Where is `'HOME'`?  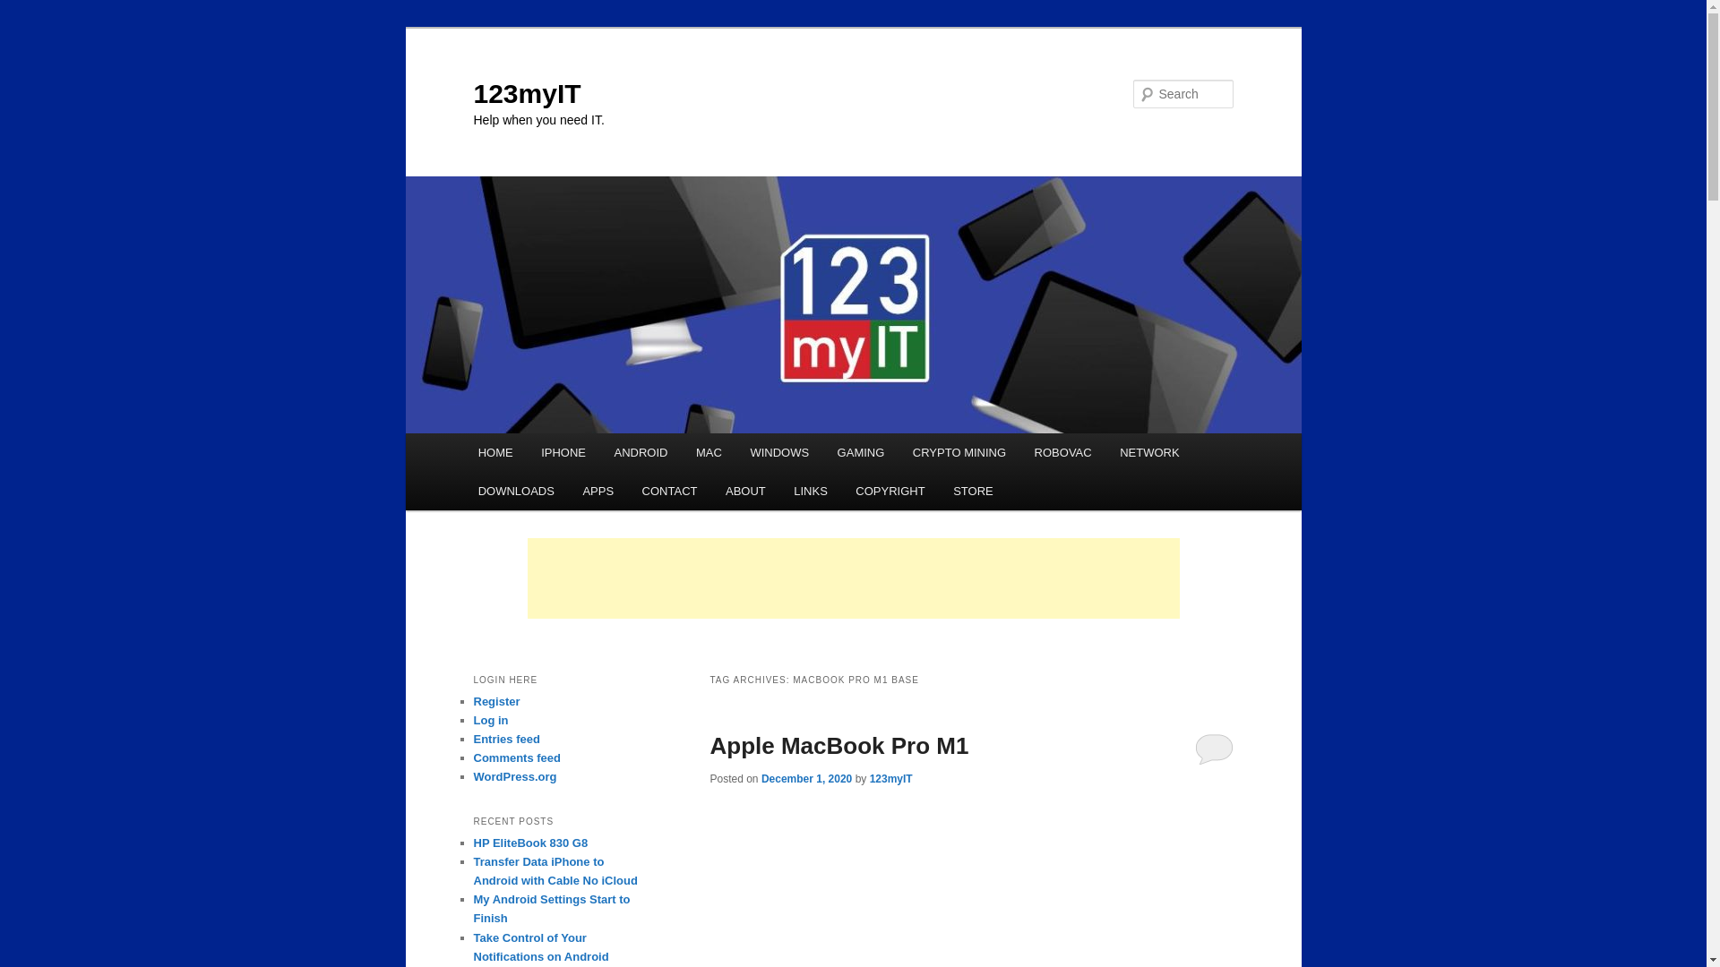 'HOME' is located at coordinates (495, 451).